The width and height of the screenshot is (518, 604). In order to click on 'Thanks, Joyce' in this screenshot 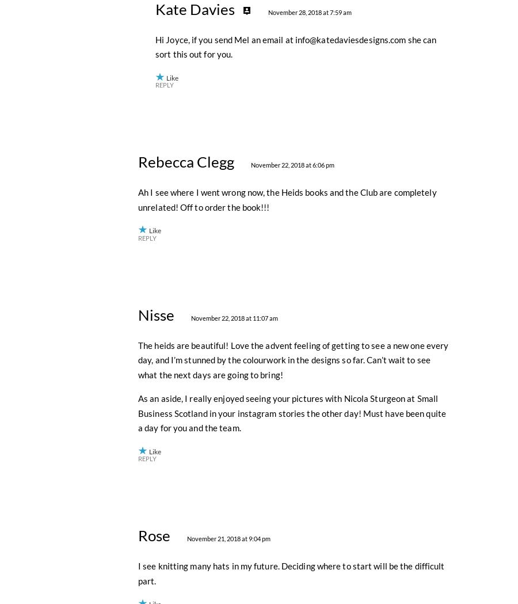, I will do `click(164, 105)`.